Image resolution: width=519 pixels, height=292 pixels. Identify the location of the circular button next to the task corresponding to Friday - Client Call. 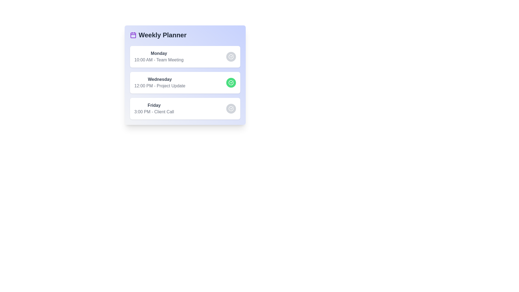
(231, 108).